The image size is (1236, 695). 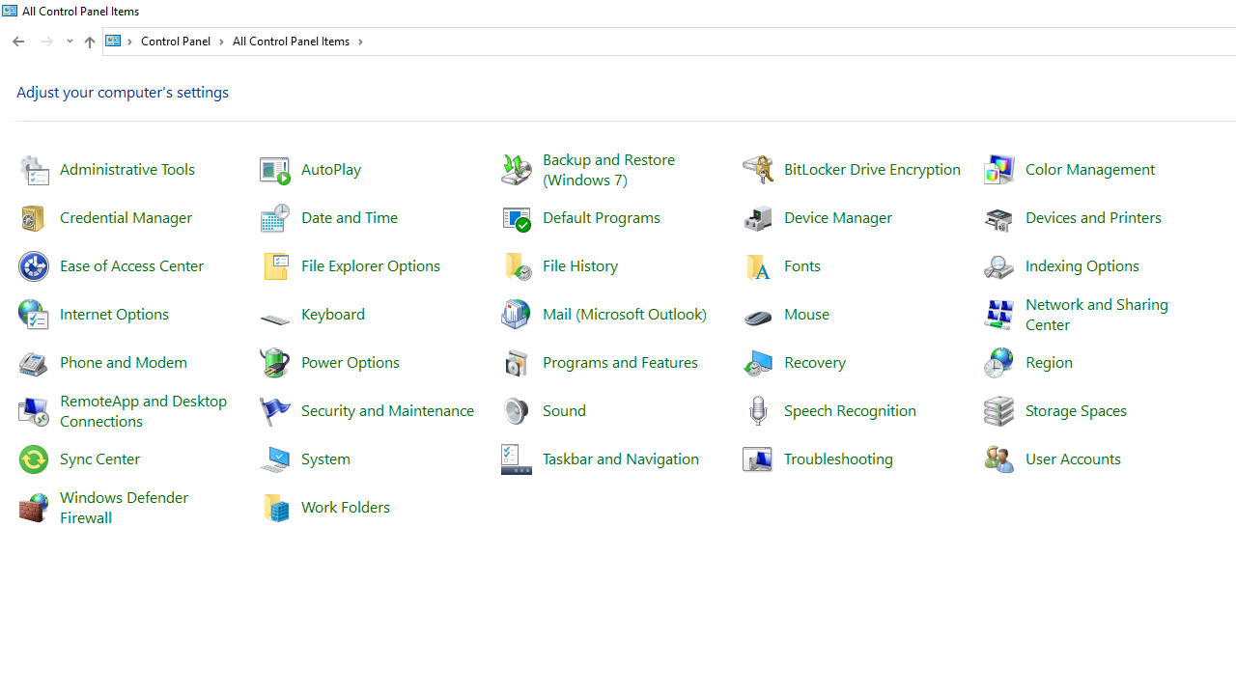 I want to click on 'Backup and Restore (Windows 7)', so click(x=609, y=167).